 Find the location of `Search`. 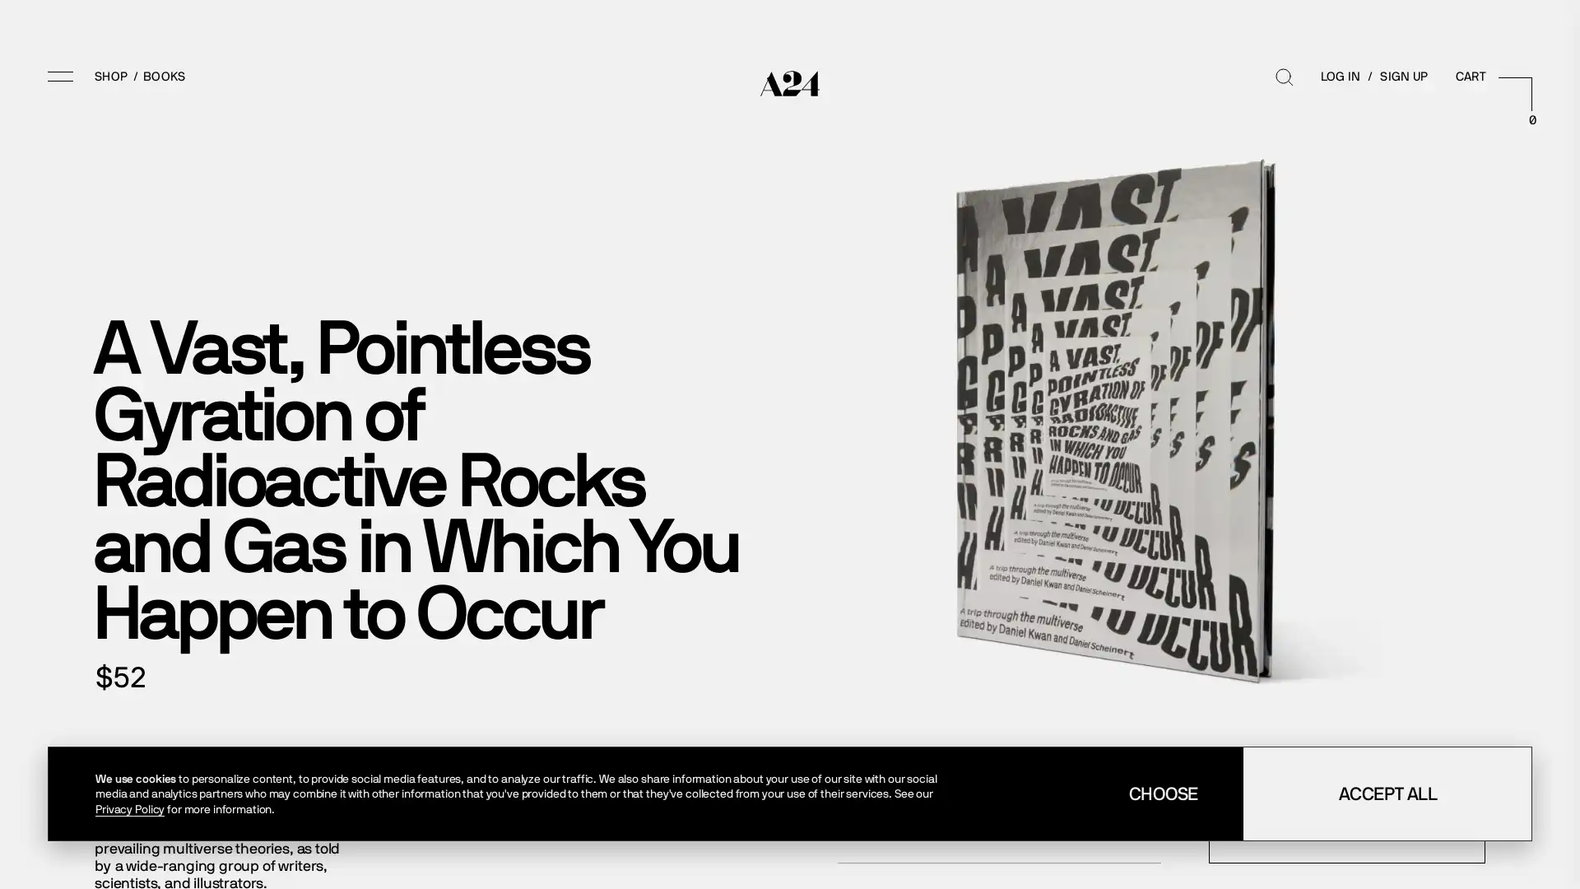

Search is located at coordinates (1333, 105).